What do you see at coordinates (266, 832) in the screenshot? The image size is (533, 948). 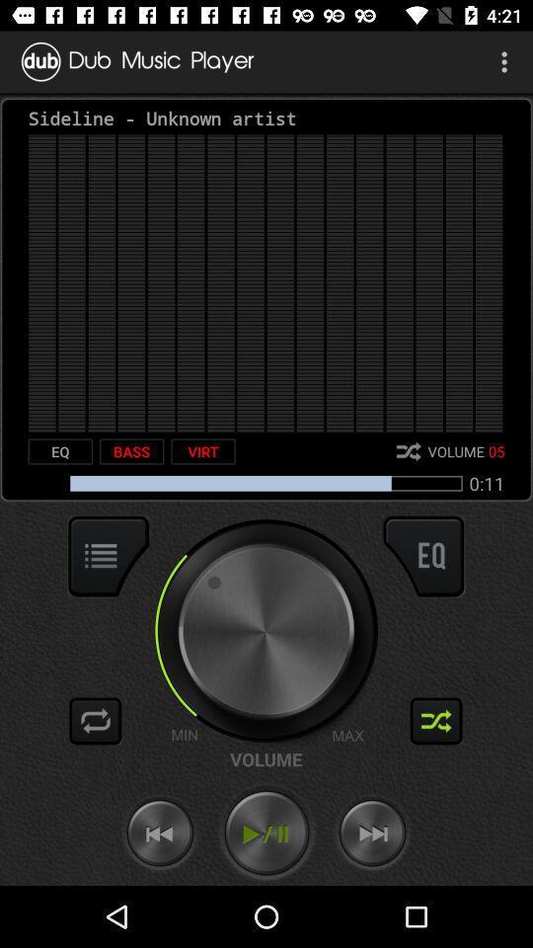 I see `or pause option` at bounding box center [266, 832].